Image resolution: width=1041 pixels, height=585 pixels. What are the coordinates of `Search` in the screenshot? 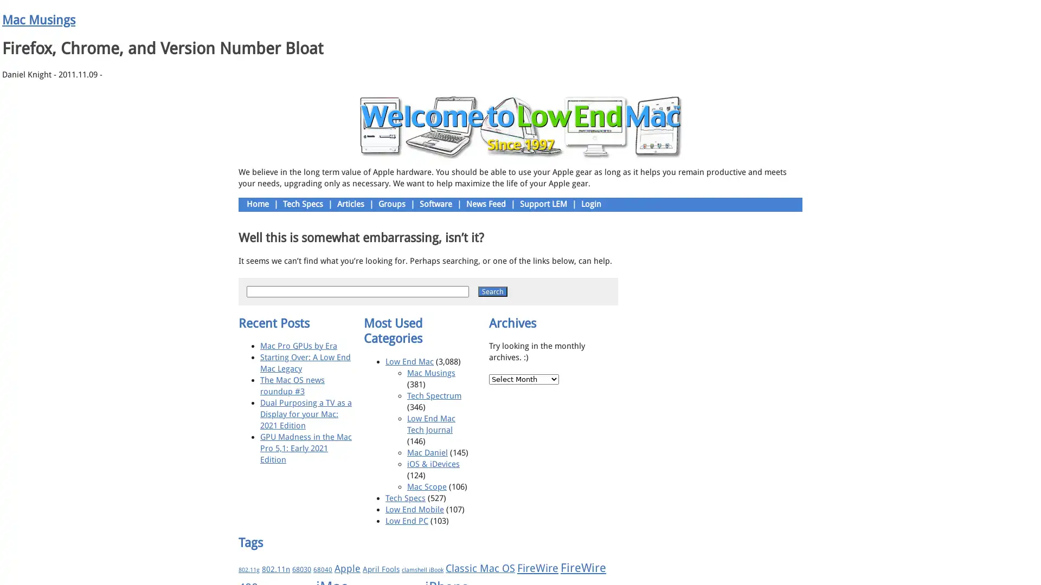 It's located at (492, 290).